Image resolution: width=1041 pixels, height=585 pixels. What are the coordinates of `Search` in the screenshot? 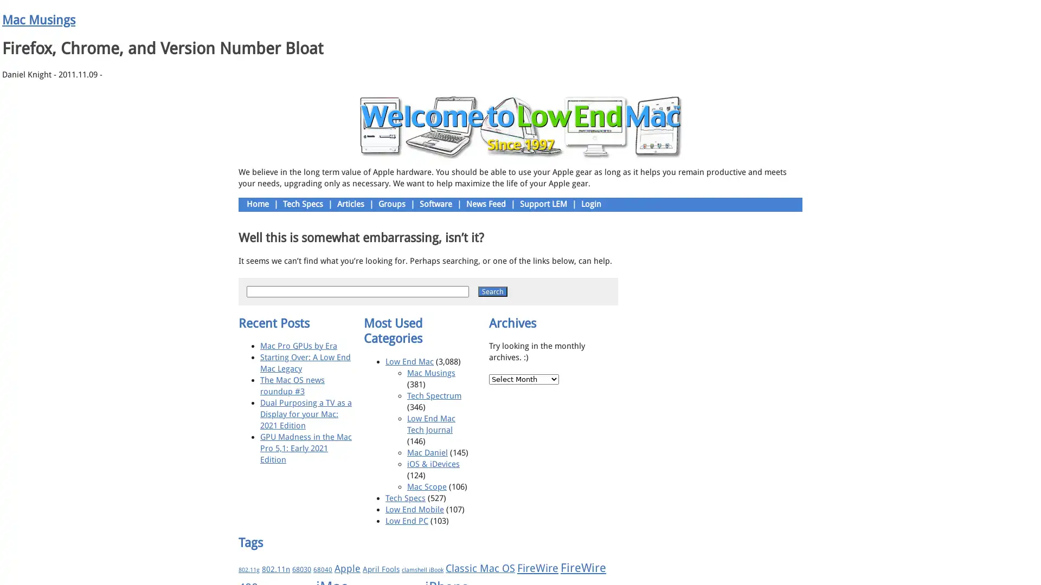 It's located at (492, 290).